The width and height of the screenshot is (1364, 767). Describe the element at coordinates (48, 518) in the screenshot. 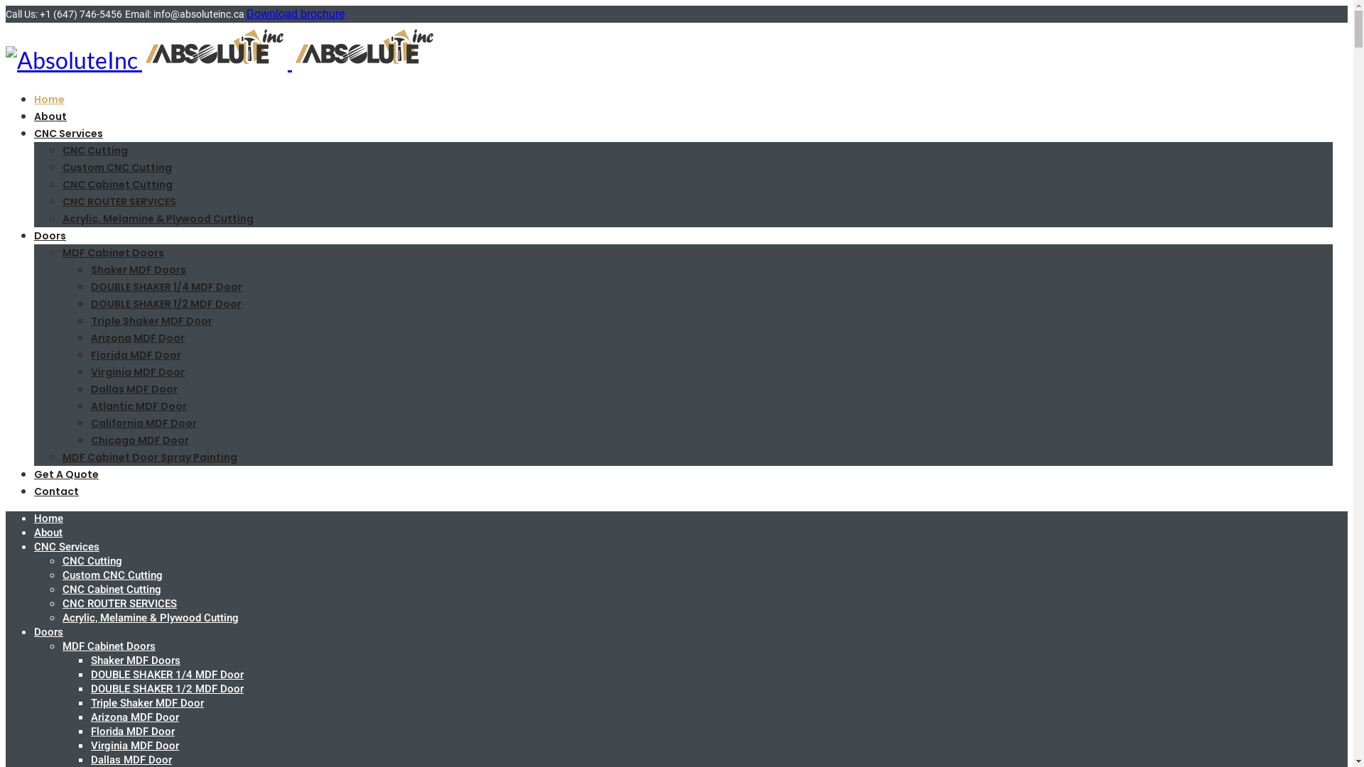

I see `'Home'` at that location.